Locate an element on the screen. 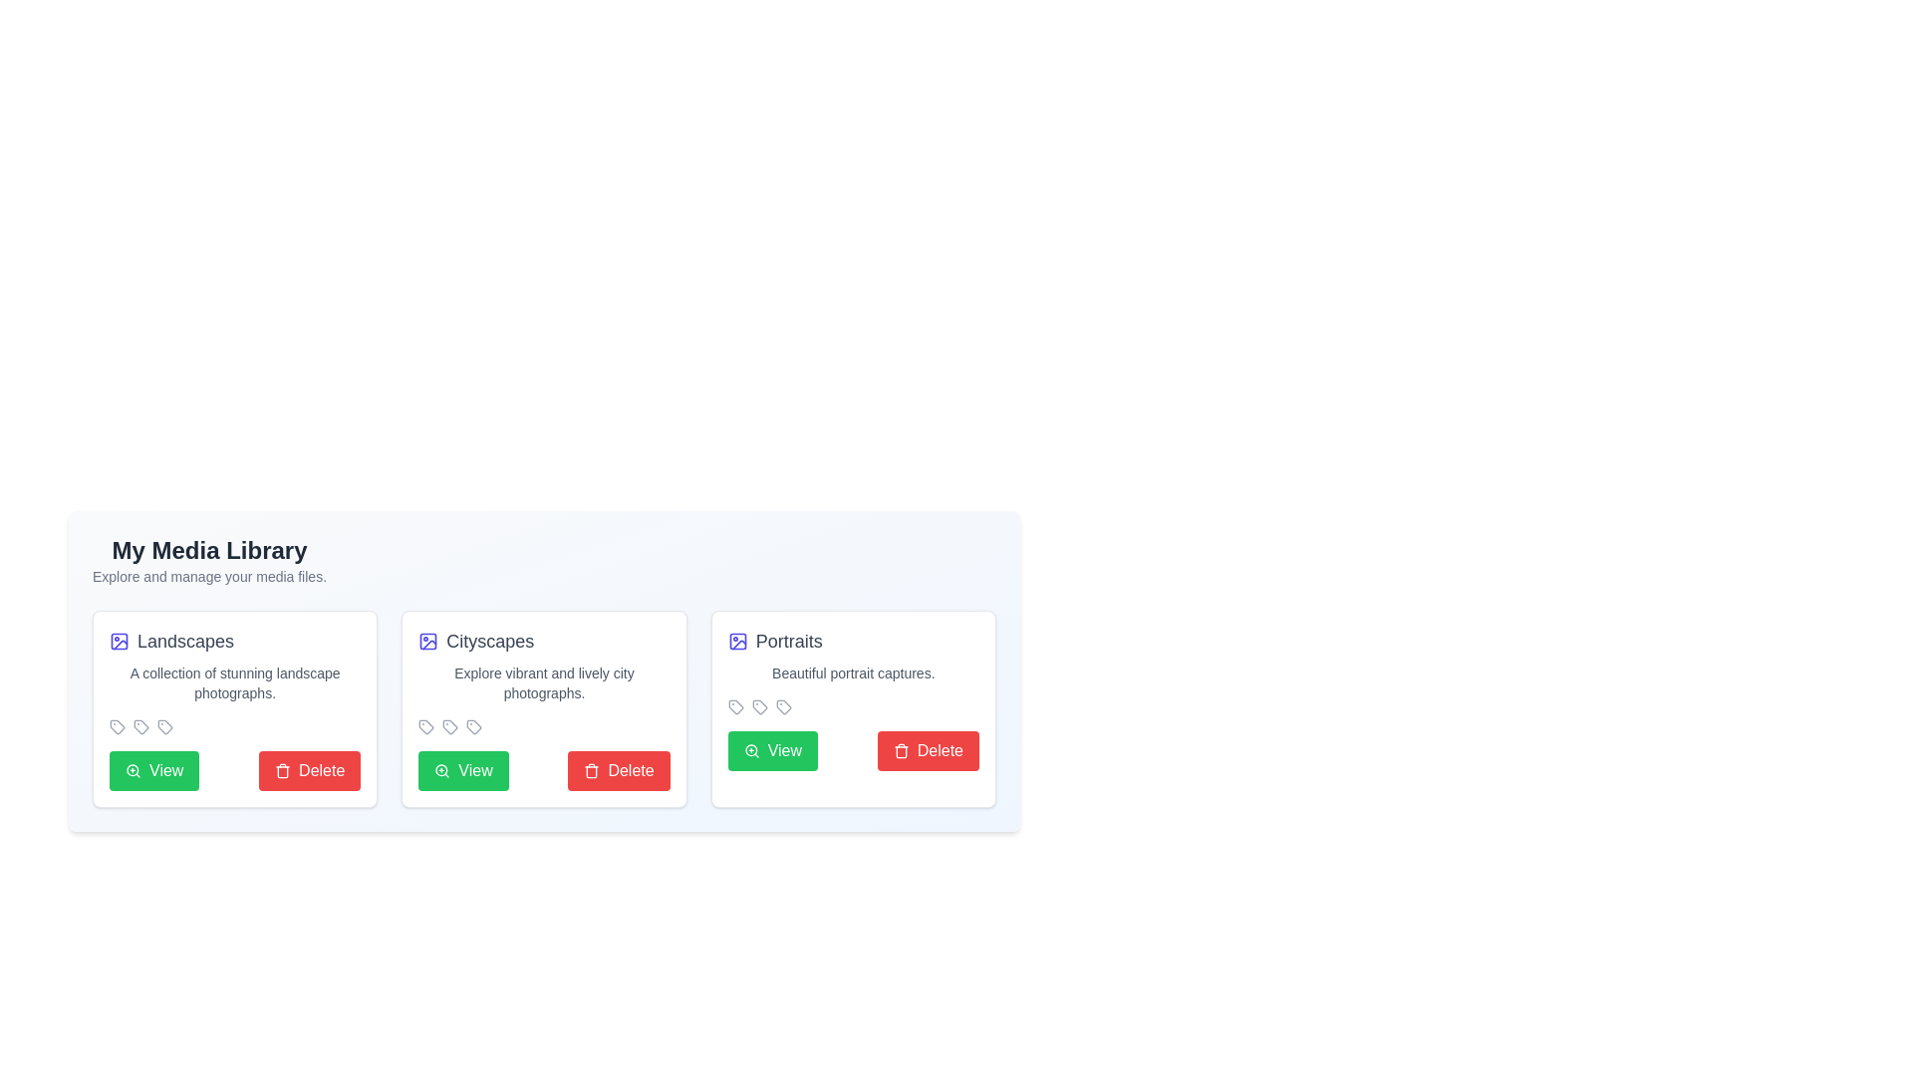  the 'View' text label located in the bottom-right card of a three-card layout is located at coordinates (783, 750).